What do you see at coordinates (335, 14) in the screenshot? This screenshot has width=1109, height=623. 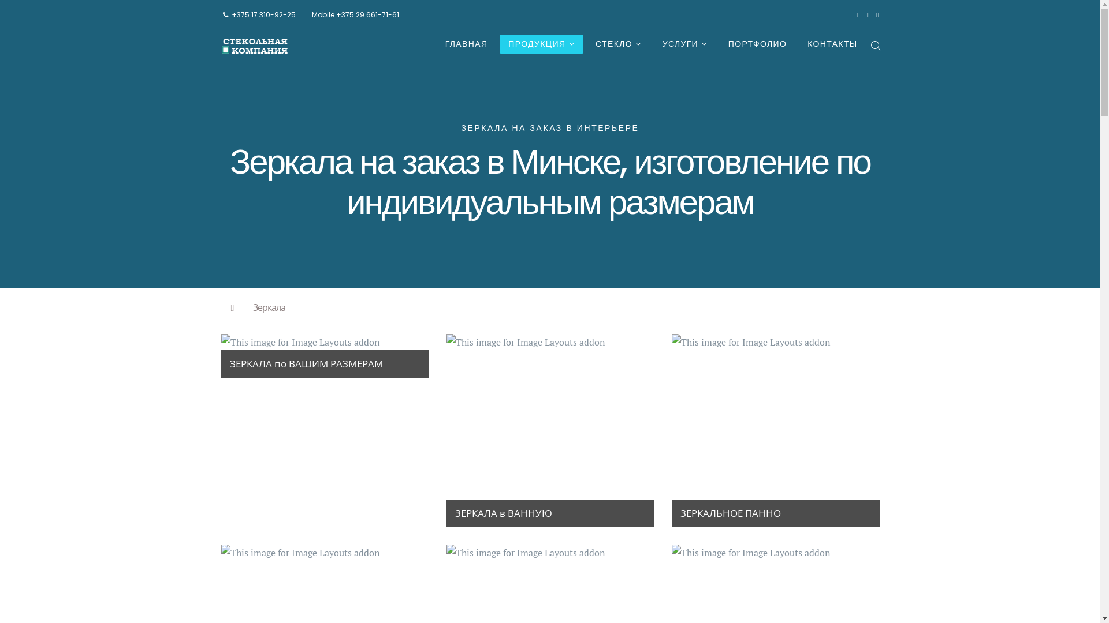 I see `'+375 29 661-71-61'` at bounding box center [335, 14].